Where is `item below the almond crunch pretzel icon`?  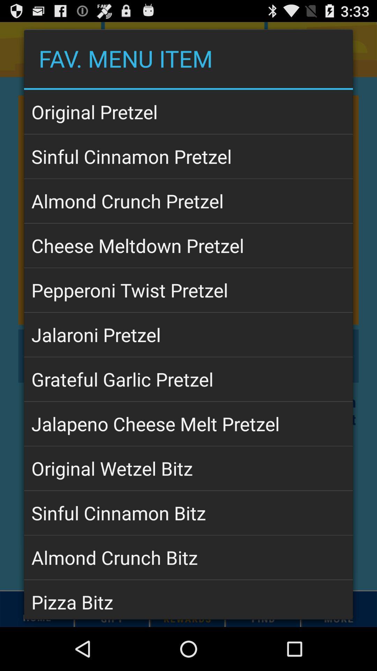
item below the almond crunch pretzel icon is located at coordinates (188, 245).